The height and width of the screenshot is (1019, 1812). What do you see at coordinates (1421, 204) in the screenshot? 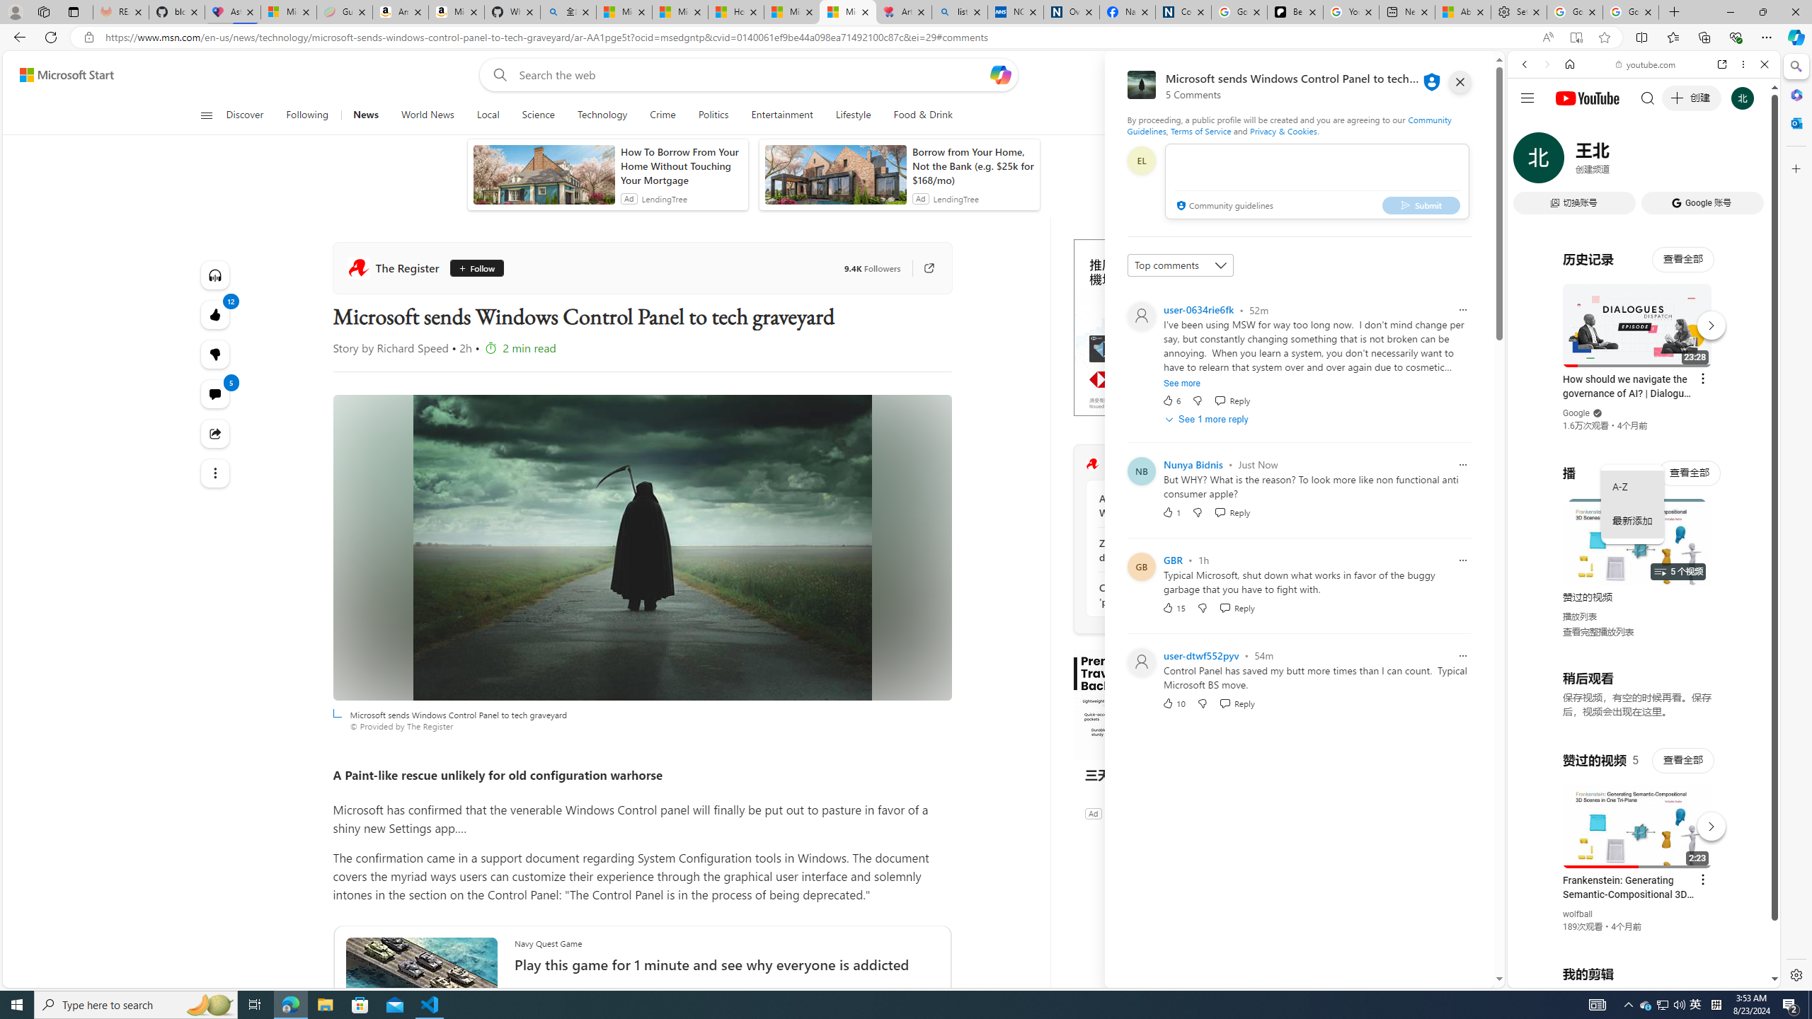
I see `'Submit'` at bounding box center [1421, 204].